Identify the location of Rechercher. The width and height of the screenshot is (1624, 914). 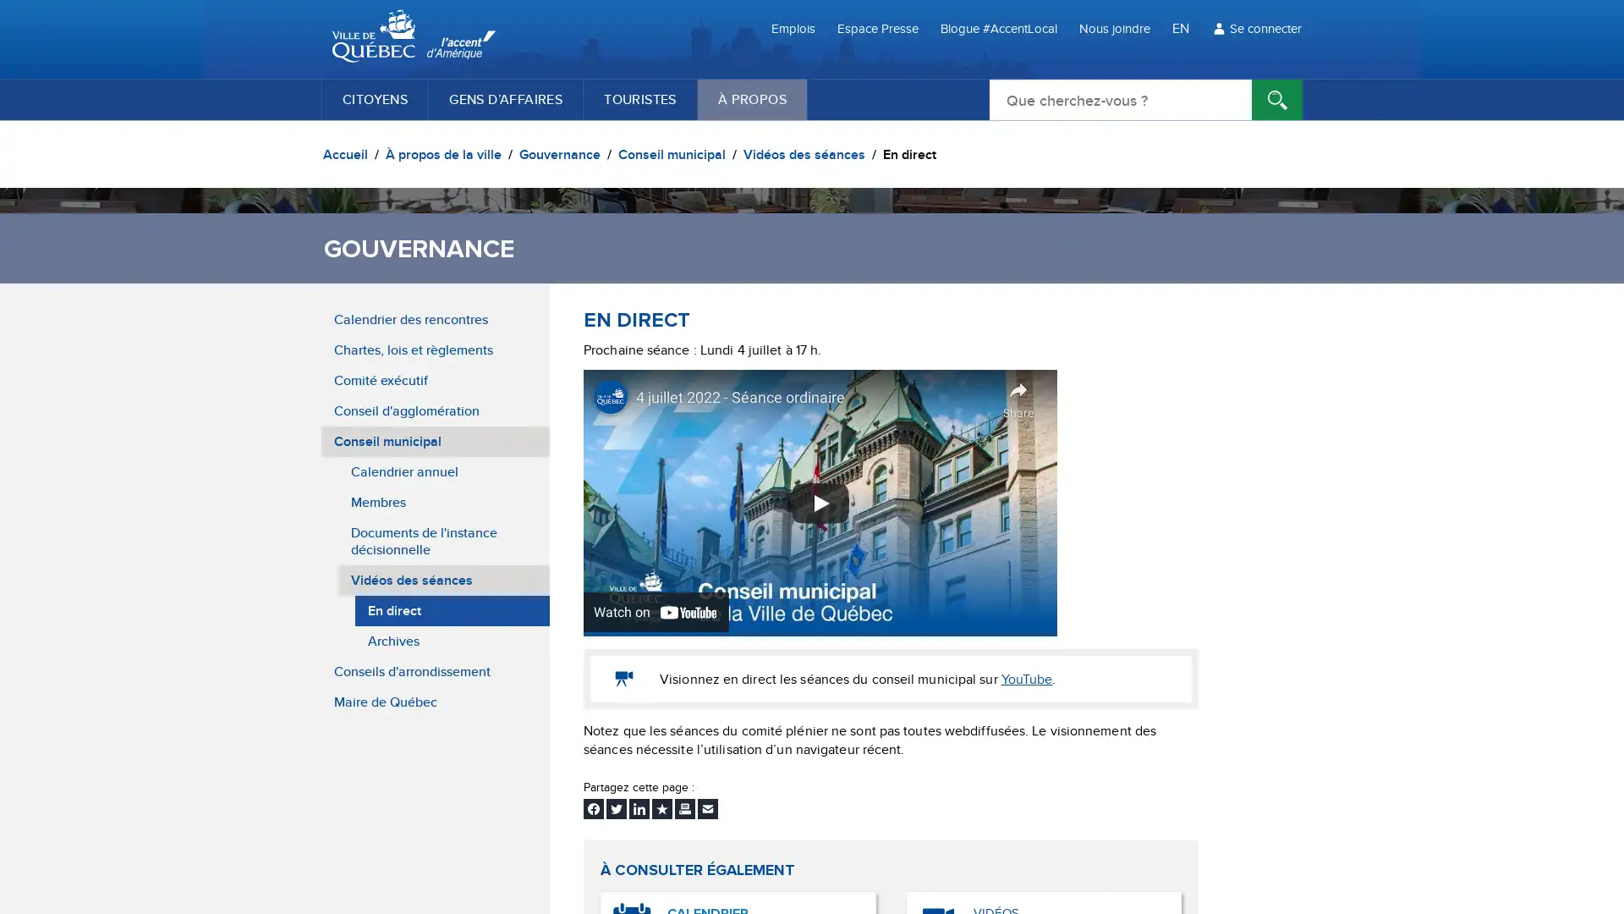
(1277, 100).